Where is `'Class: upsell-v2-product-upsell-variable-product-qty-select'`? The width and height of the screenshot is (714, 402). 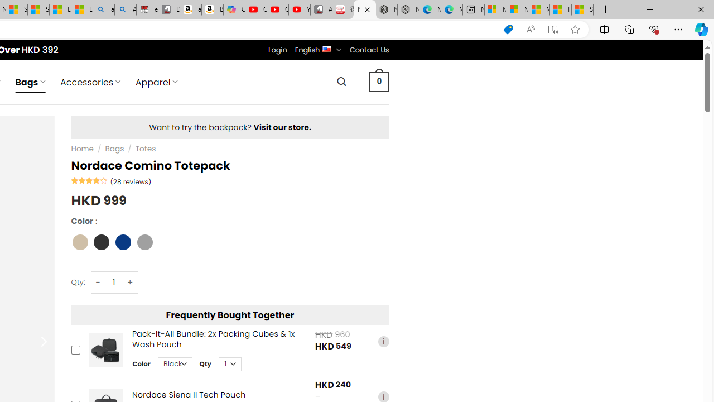 'Class: upsell-v2-product-upsell-variable-product-qty-select' is located at coordinates (229, 364).